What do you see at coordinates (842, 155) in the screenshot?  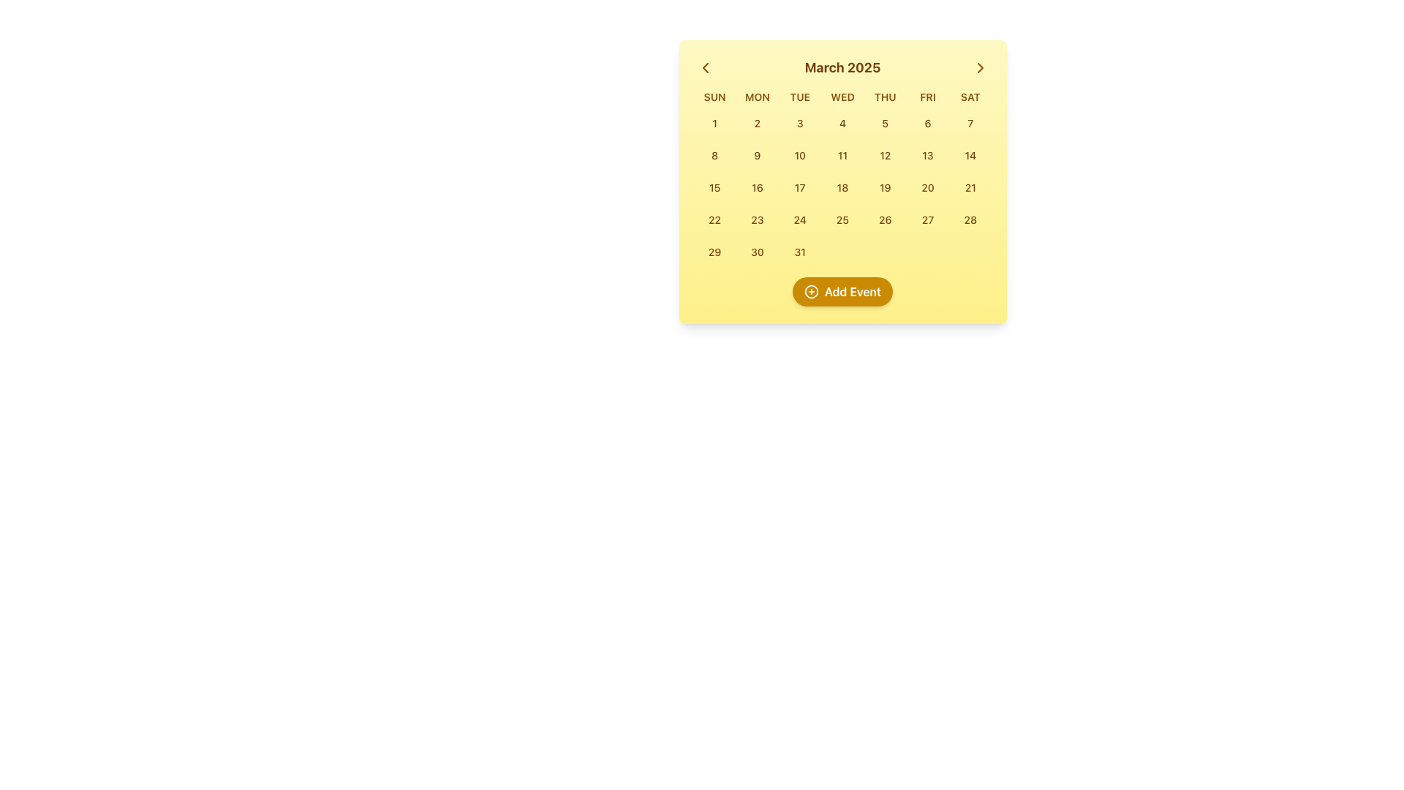 I see `the date button displaying the number '11' in the datepicker interface` at bounding box center [842, 155].